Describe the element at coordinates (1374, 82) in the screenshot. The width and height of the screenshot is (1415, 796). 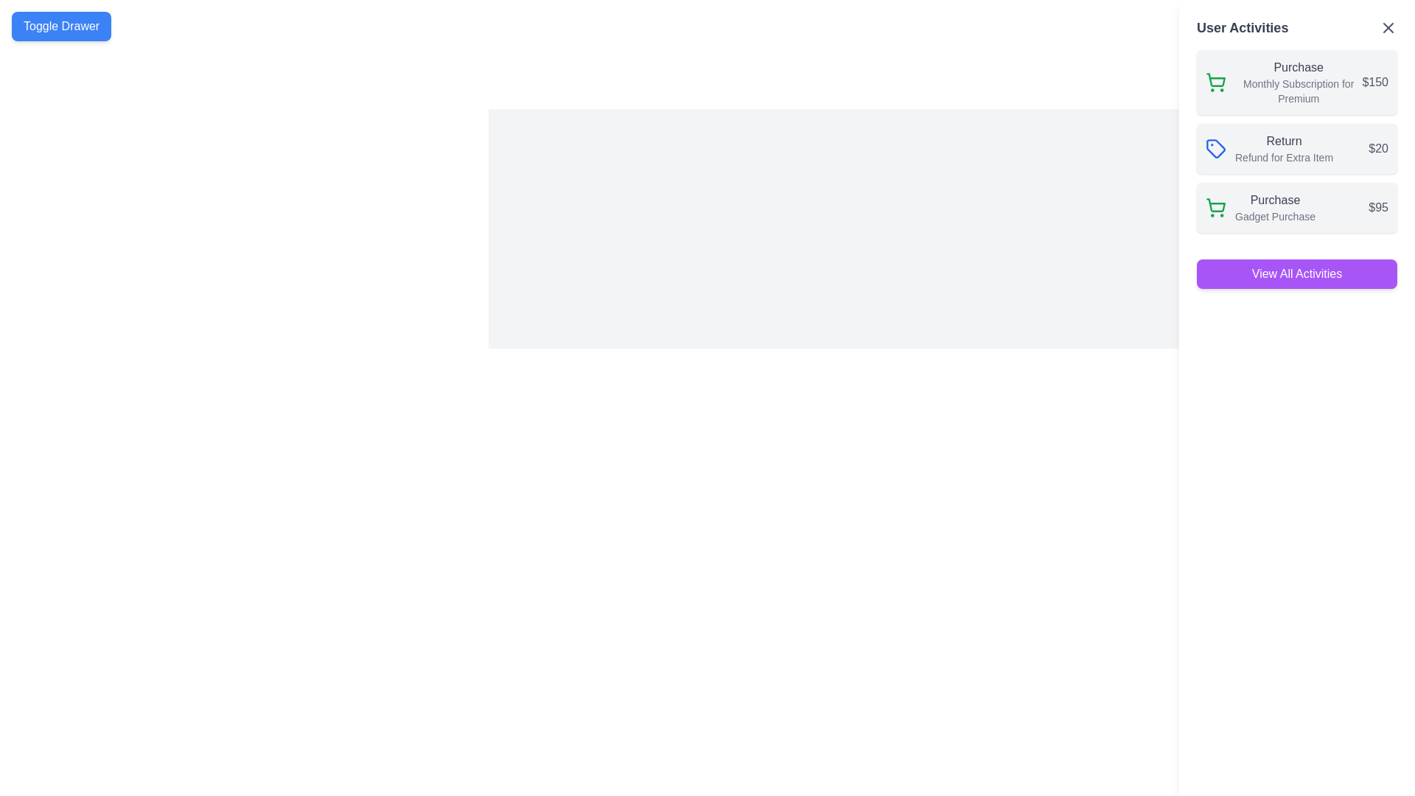
I see `value represented by the text label displaying '$150', which is located in the 'User Activities' panel, aligned with the 'Monthly Subscription for Premium' text` at that location.